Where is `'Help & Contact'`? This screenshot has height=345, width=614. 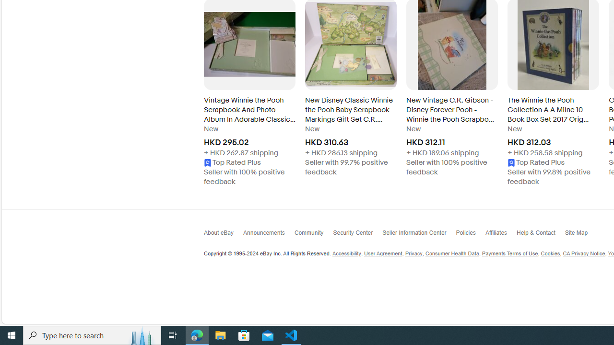
'Help & Contact' is located at coordinates (541, 235).